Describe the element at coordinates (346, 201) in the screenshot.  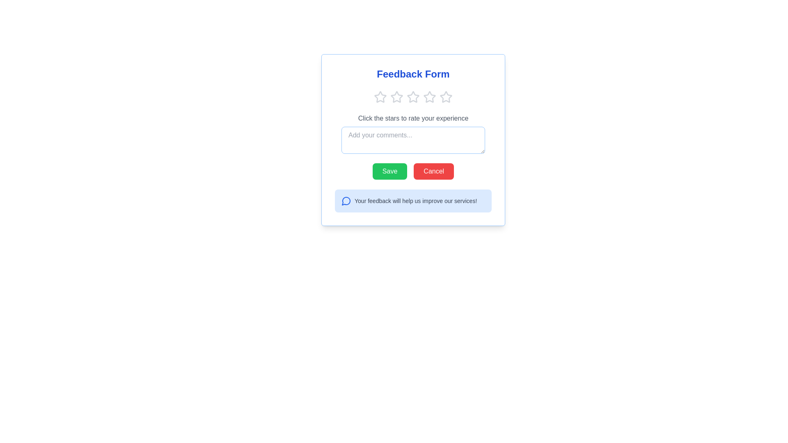
I see `the speech bubble icon with a blue outline located in the feedback section, positioned to the left of the feedback text` at that location.